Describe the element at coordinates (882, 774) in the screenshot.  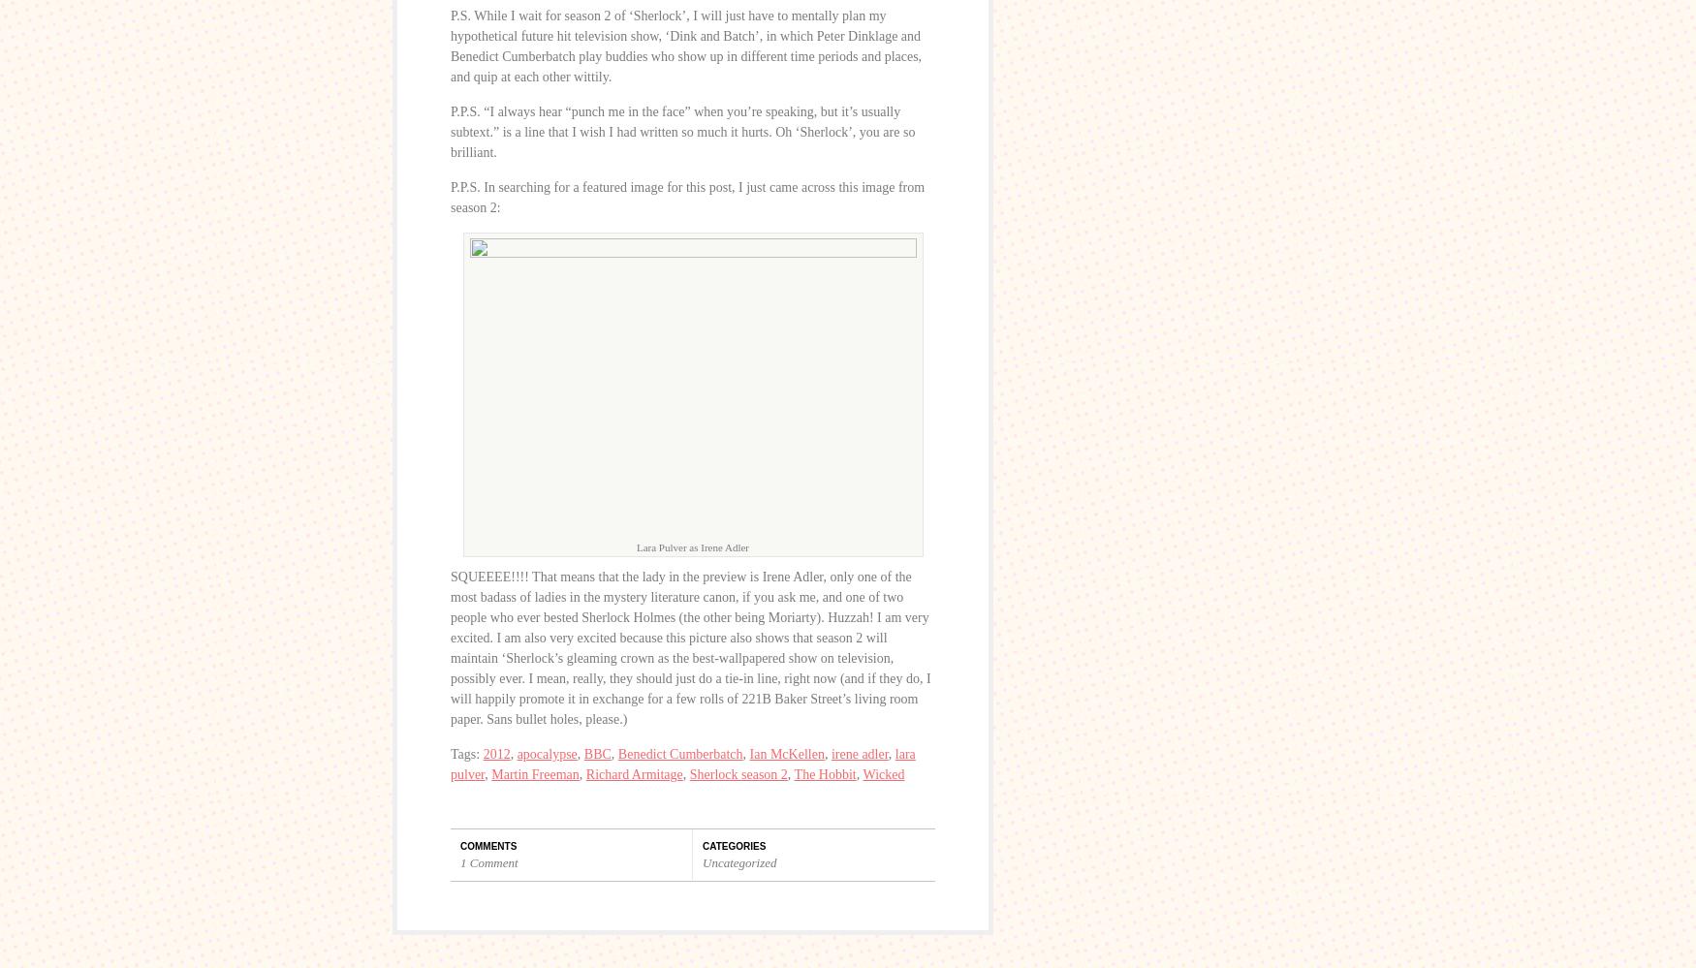
I see `'Wicked'` at that location.